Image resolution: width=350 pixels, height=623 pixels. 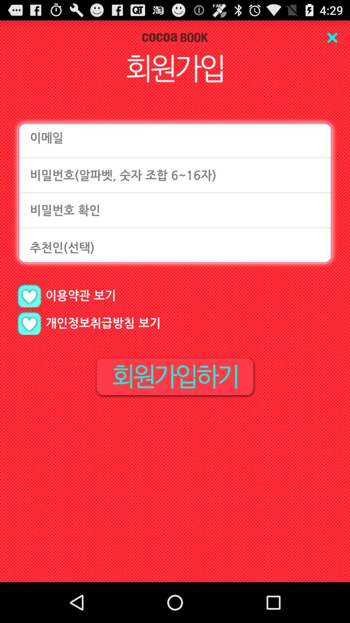 What do you see at coordinates (29, 323) in the screenshot?
I see `like option` at bounding box center [29, 323].